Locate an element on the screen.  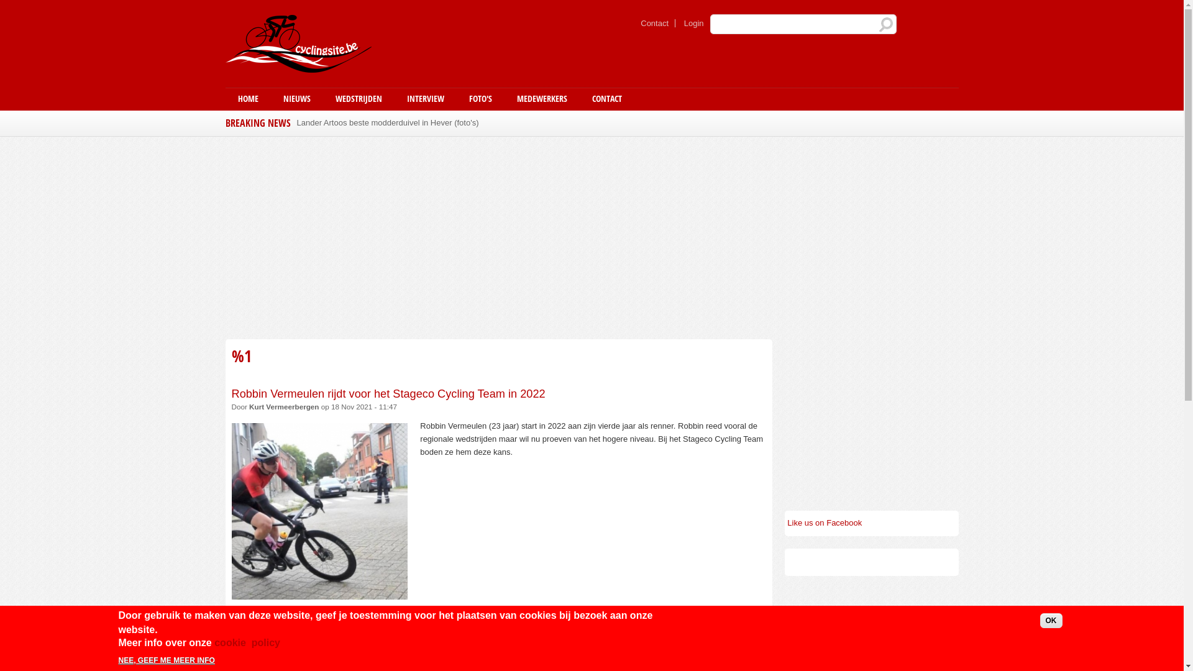
'Overslaan en naar de inhoud gaan' is located at coordinates (554, 1).